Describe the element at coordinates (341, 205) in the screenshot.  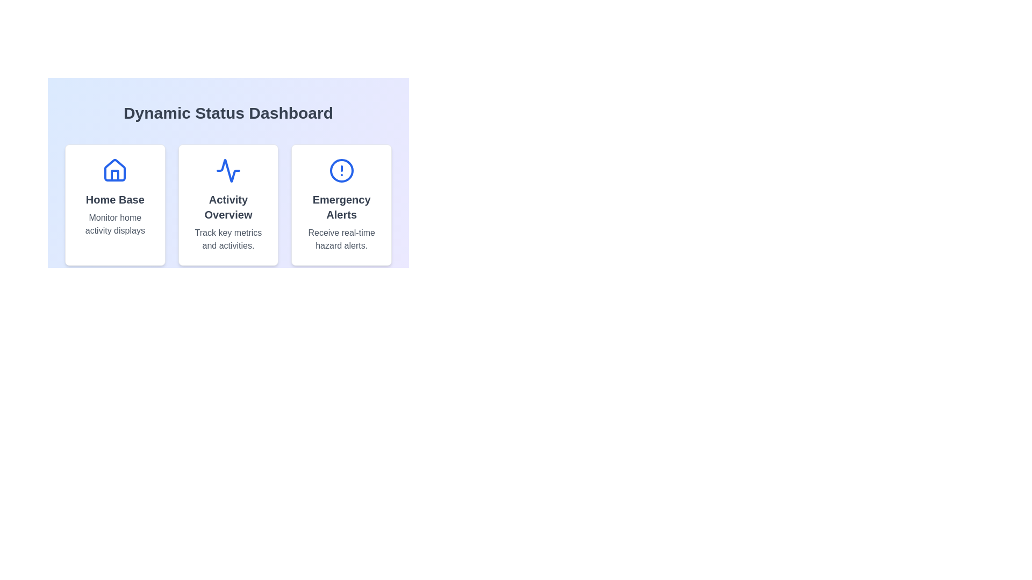
I see `the Informational Card that contains the blue alert icon and the text 'Emergency Alerts'` at that location.